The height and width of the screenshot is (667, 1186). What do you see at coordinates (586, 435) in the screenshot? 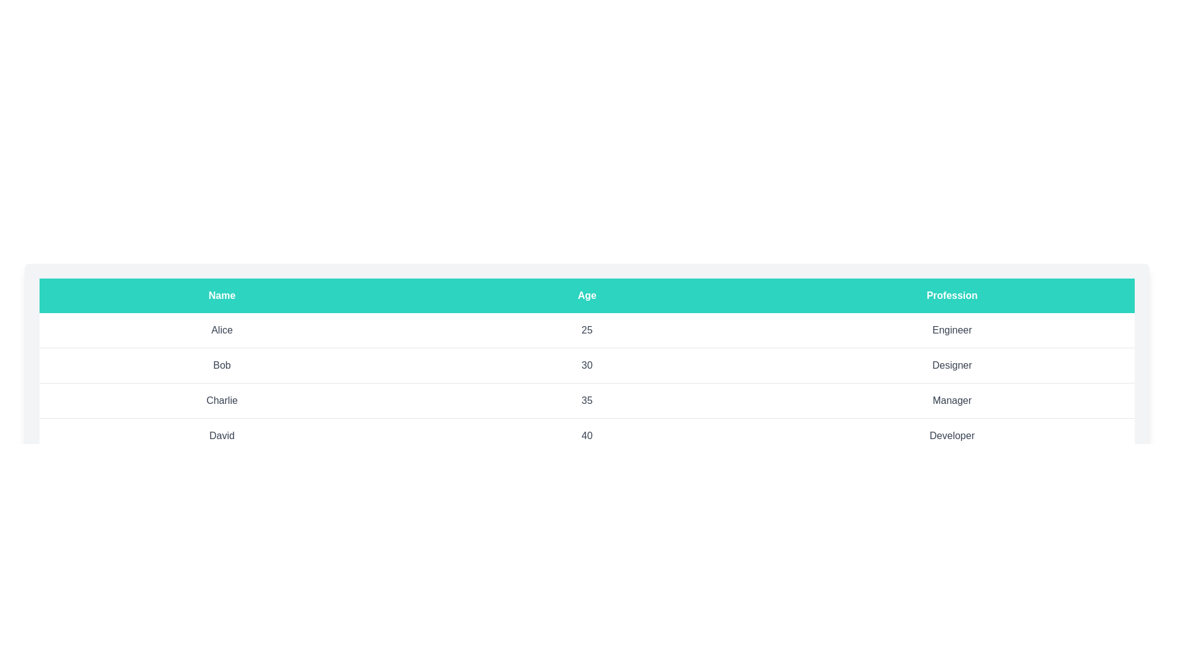
I see `text from the table cell containing '40' in the age column for the row corresponding to 'David'` at bounding box center [586, 435].